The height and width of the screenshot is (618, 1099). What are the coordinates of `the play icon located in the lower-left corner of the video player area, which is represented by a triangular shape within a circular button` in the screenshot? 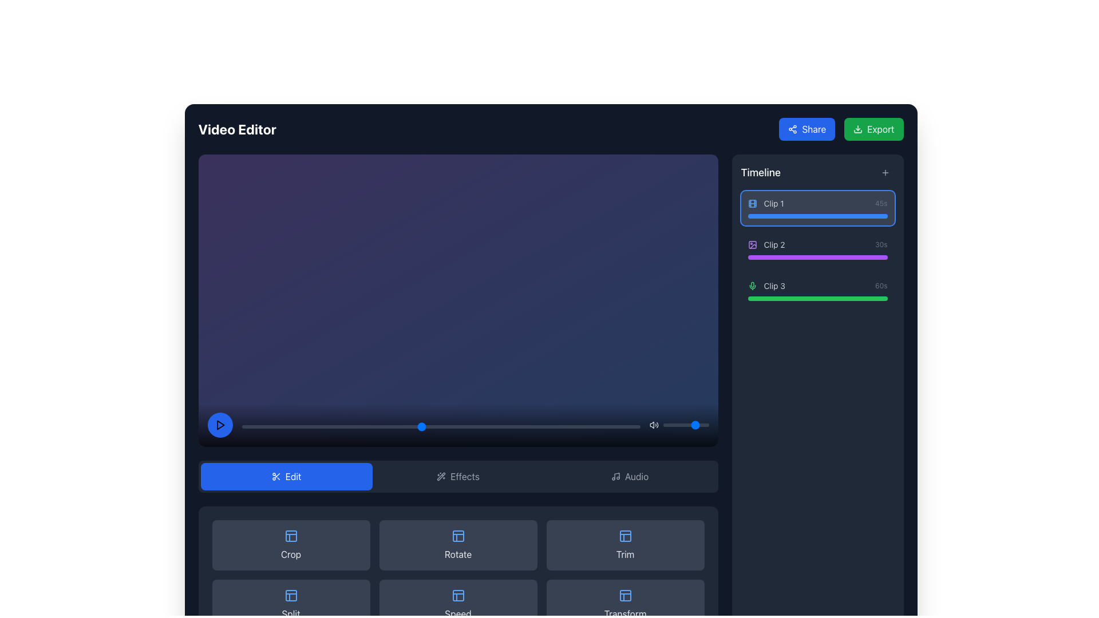 It's located at (220, 425).